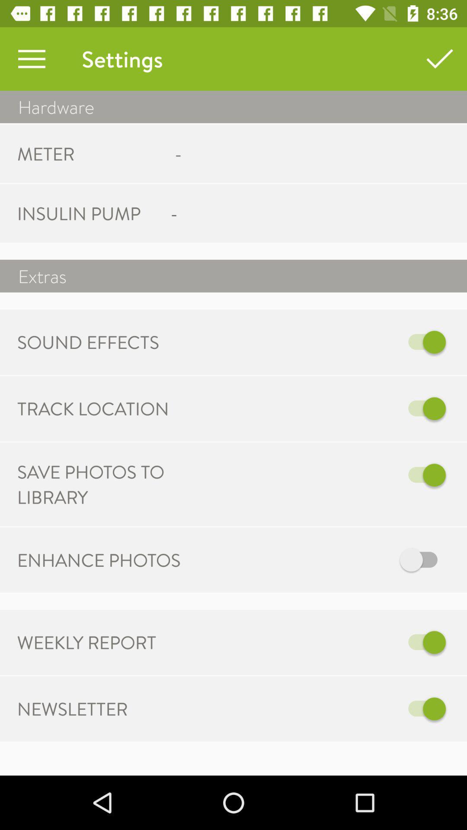  What do you see at coordinates (323, 642) in the screenshot?
I see `item next to weekly report icon` at bounding box center [323, 642].